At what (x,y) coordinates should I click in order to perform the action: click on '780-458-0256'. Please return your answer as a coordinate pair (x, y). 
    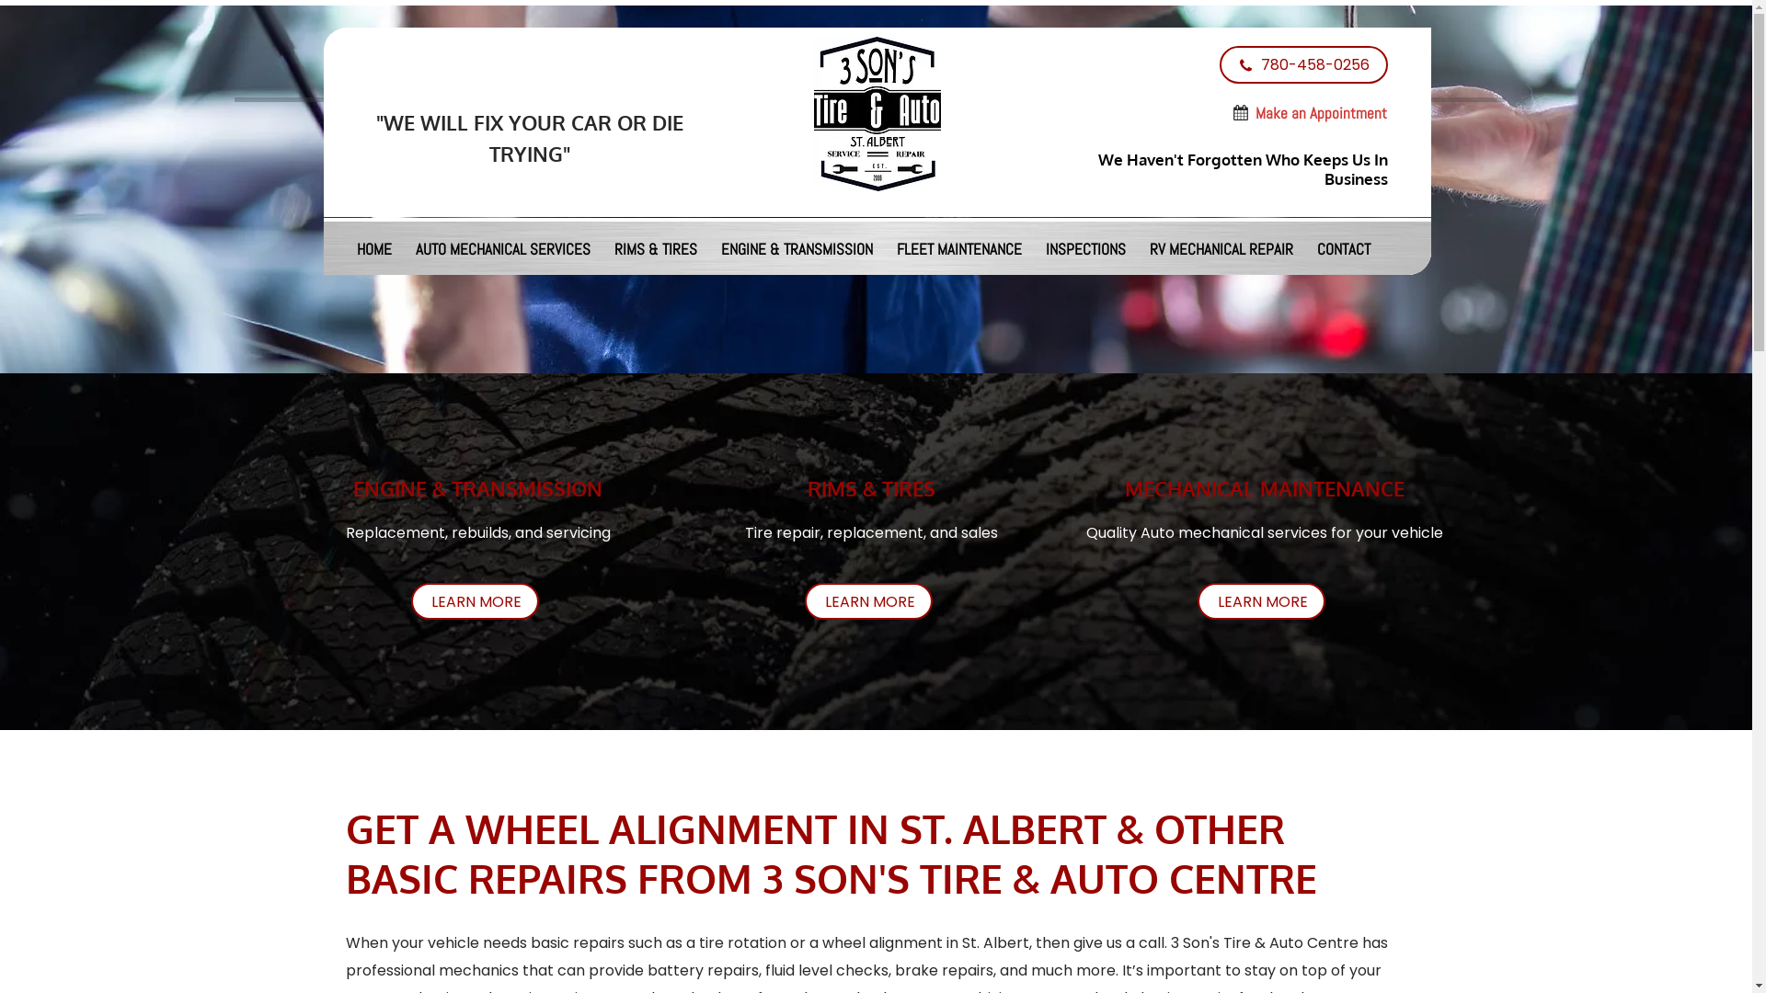
    Looking at the image, I should click on (1219, 63).